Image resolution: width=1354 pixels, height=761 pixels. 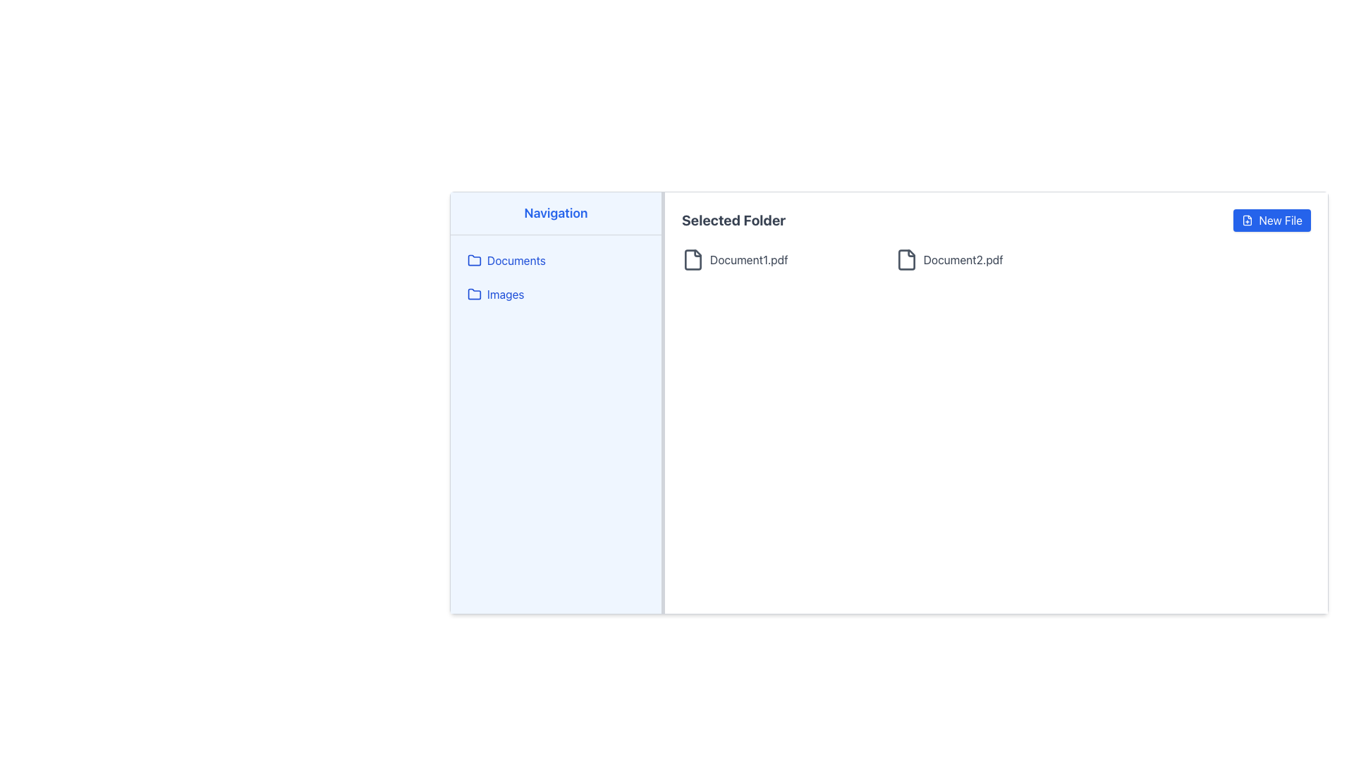 What do you see at coordinates (748, 260) in the screenshot?
I see `the filename label 'Document1.pdf'` at bounding box center [748, 260].